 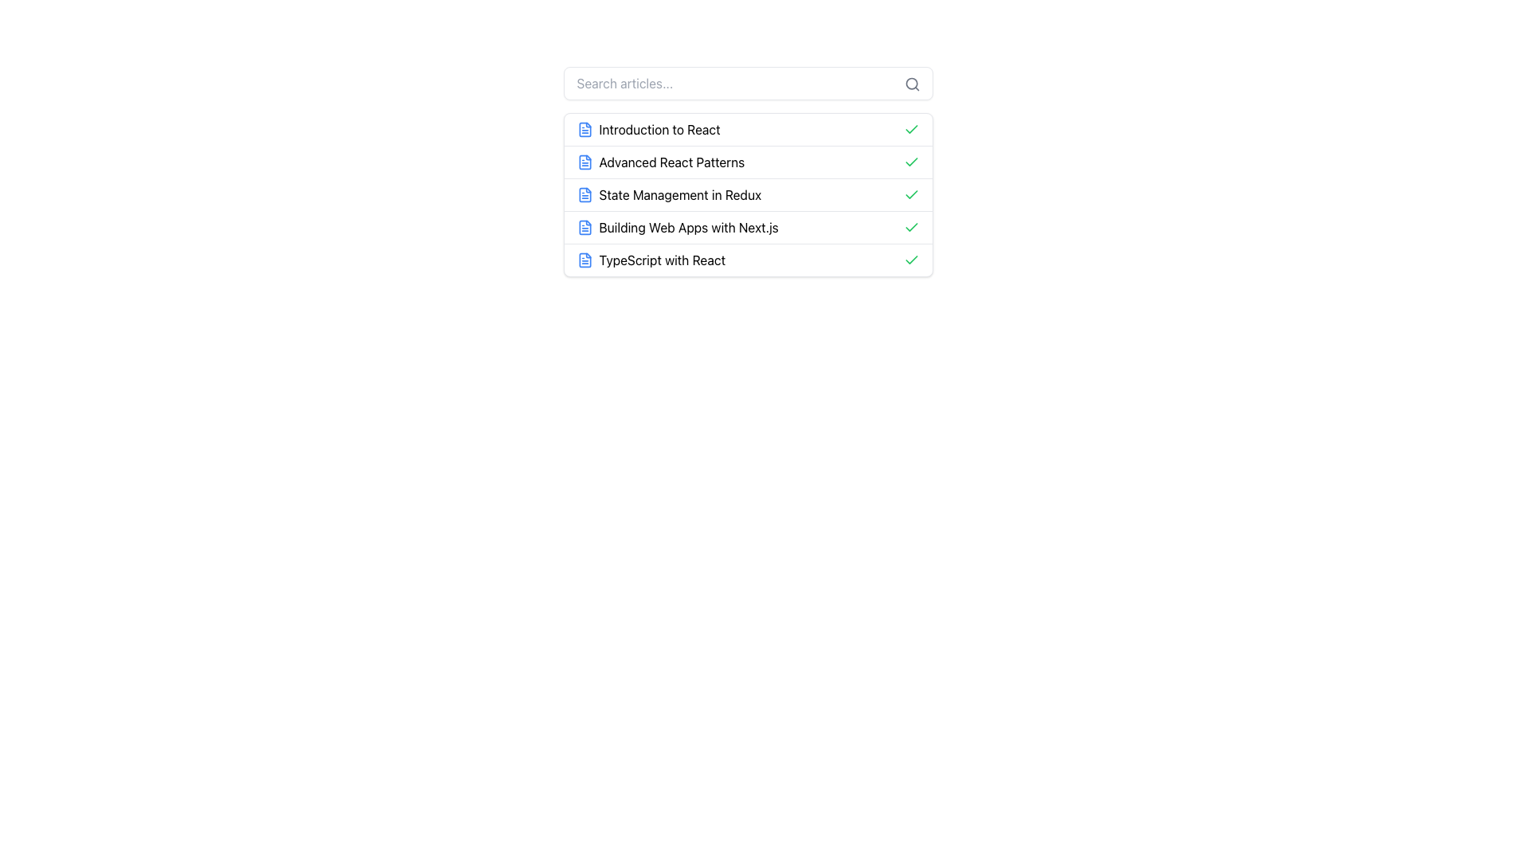 I want to click on the third list item in the vertical list that represents 'State Management in Redux', so click(x=669, y=194).